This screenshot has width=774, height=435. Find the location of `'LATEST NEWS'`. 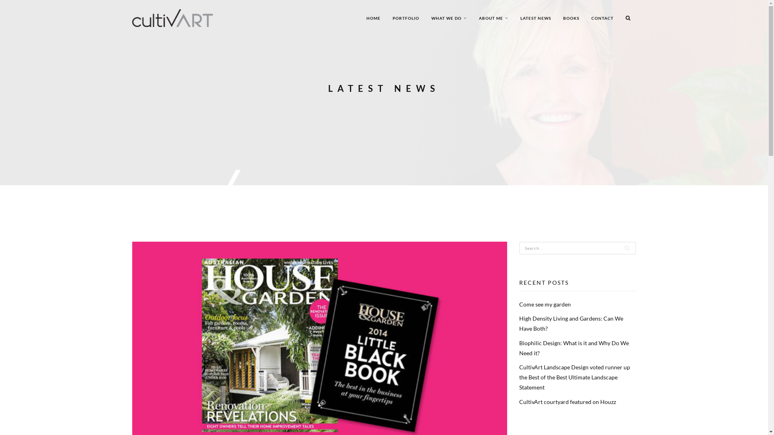

'LATEST NEWS' is located at coordinates (536, 18).